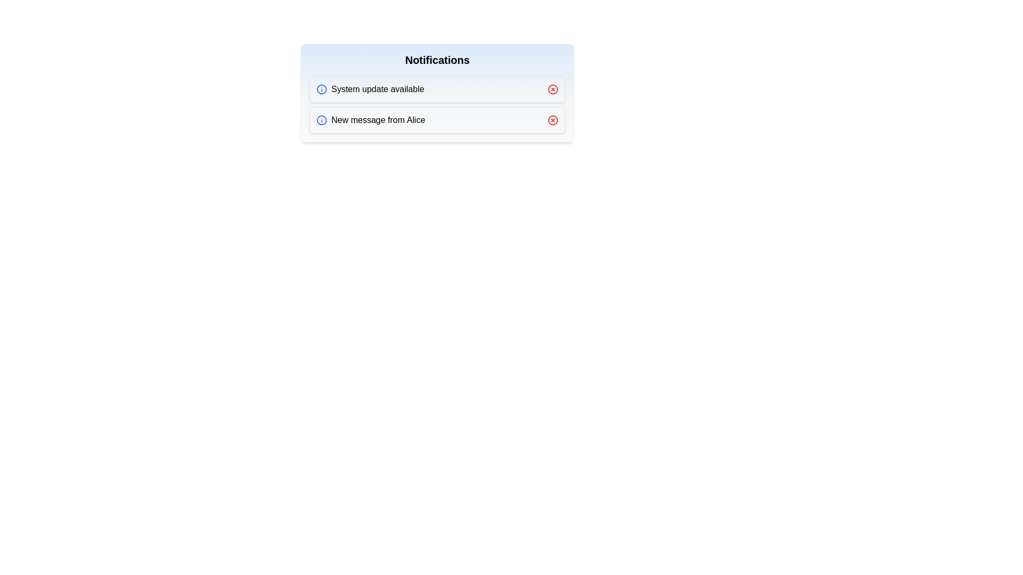 This screenshot has width=1023, height=575. I want to click on close button for the notification with message 'System update available' to remove it, so click(553, 89).